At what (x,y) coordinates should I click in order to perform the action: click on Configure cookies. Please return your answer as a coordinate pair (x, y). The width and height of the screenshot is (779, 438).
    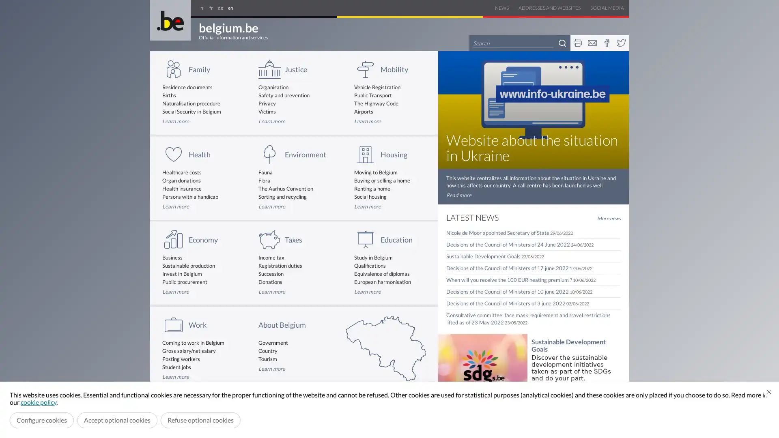
    Looking at the image, I should click on (41, 420).